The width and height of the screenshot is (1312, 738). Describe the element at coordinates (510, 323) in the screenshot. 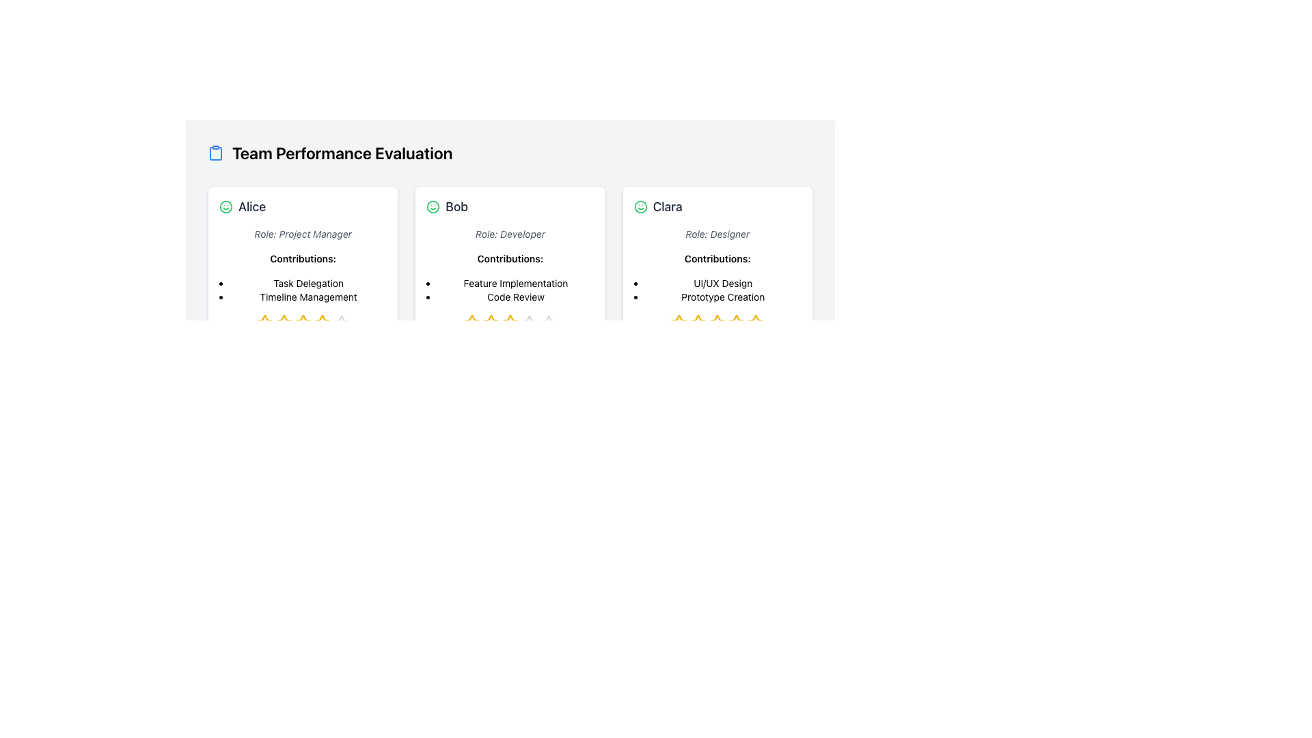

I see `the row of five star icons` at that location.